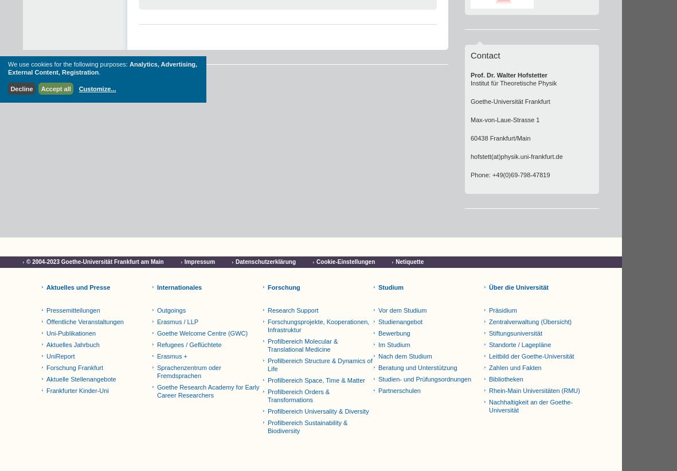 The height and width of the screenshot is (471, 677). Describe the element at coordinates (171, 310) in the screenshot. I see `'Outgoings'` at that location.